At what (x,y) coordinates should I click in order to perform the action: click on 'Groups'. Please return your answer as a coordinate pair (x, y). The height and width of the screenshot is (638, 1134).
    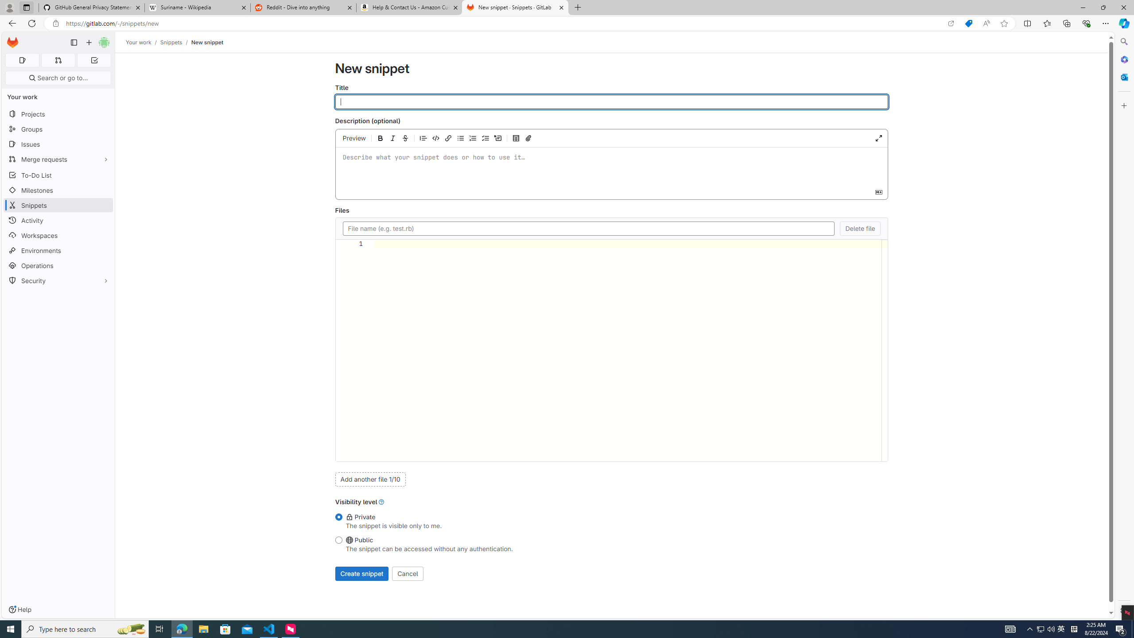
    Looking at the image, I should click on (58, 129).